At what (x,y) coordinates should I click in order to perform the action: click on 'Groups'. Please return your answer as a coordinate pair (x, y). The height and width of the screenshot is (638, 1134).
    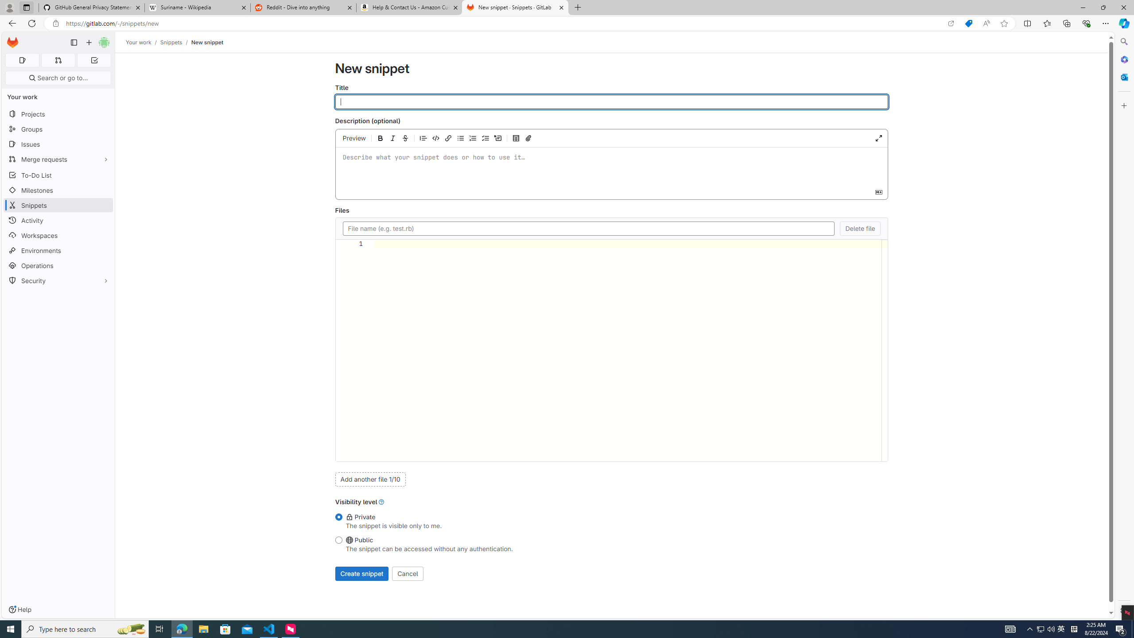
    Looking at the image, I should click on (58, 129).